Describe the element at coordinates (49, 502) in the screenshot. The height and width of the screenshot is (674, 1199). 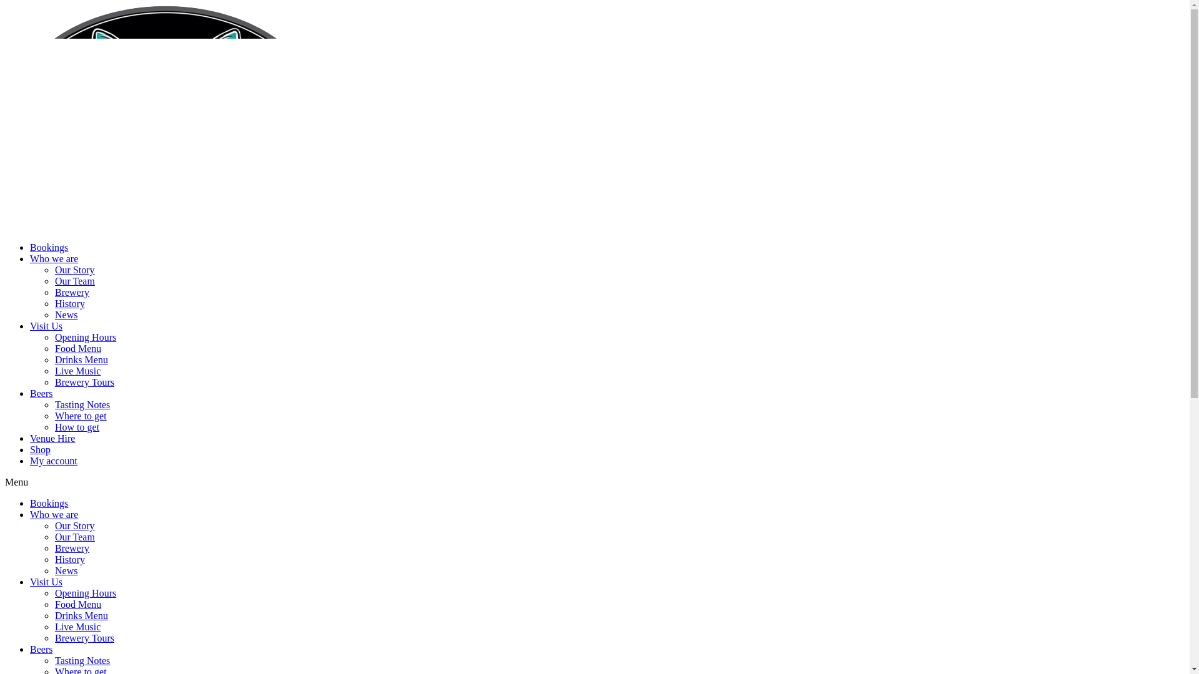
I see `'Bookings'` at that location.